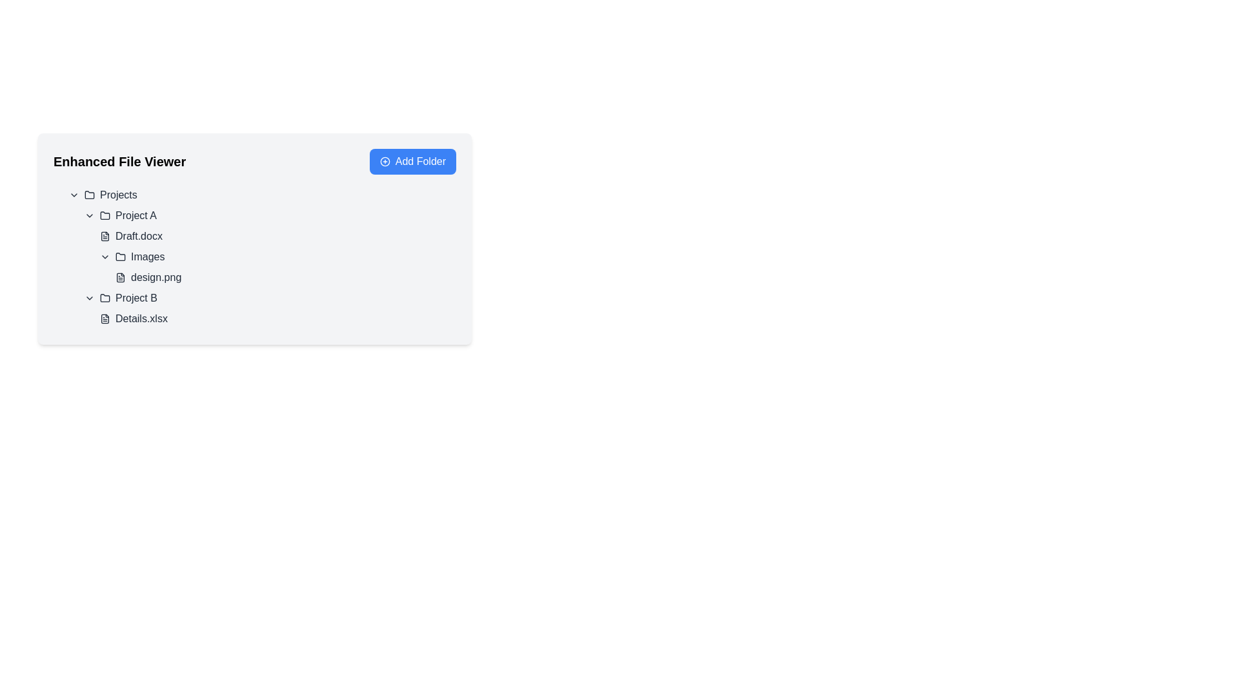 The height and width of the screenshot is (696, 1239). I want to click on the icon button located before the 'Images' text, so click(105, 256).